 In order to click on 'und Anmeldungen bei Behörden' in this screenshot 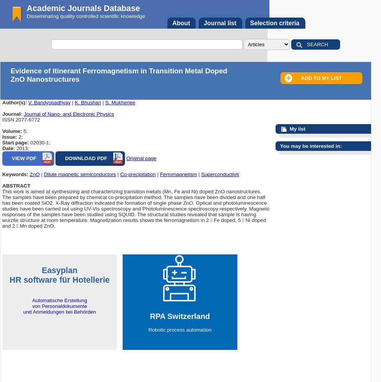, I will do `click(59, 311)`.